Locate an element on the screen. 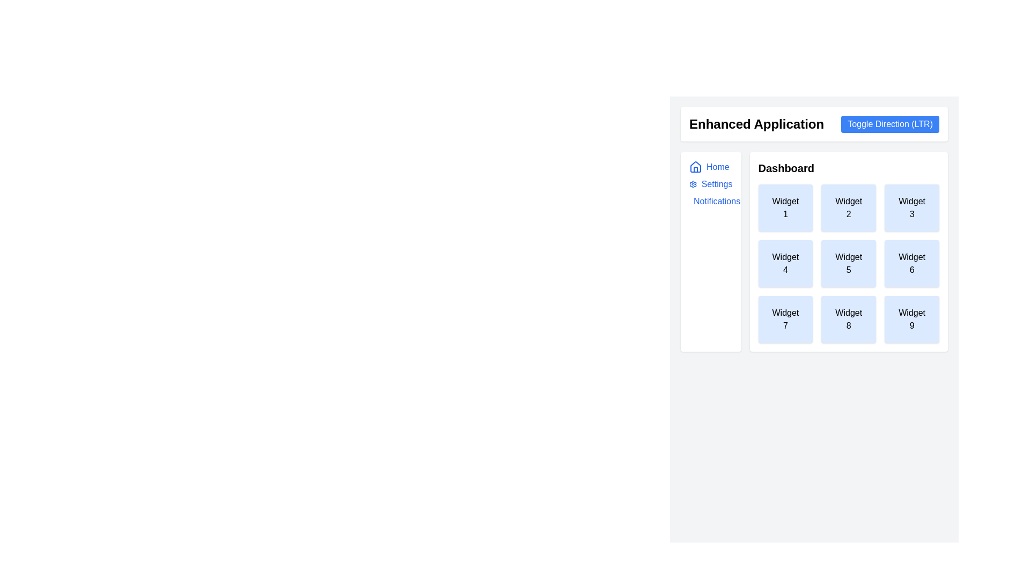 This screenshot has width=1030, height=579. the Static display element in the dashboard that showcases or links to specific content associated with 'Widget 2', located in the top row and second column of a 3x3 grid layout is located at coordinates (848, 208).